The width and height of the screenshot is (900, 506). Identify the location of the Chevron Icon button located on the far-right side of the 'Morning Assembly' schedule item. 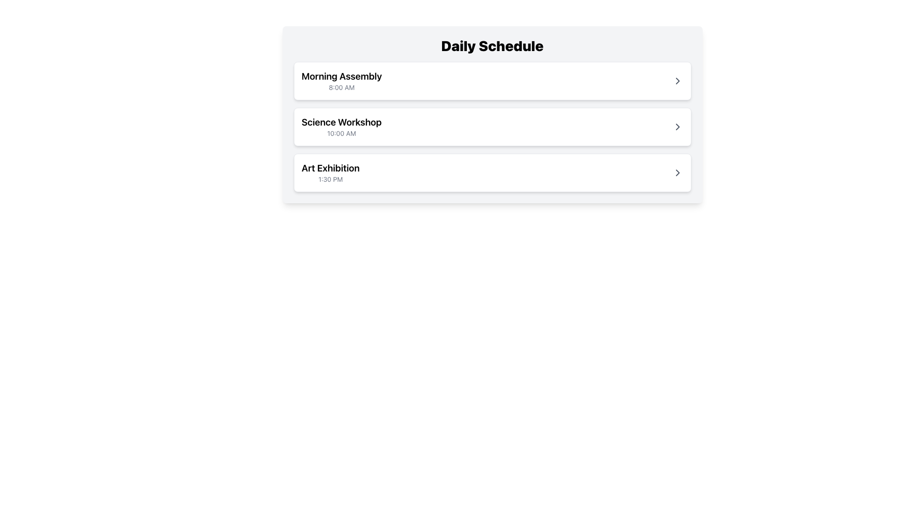
(677, 81).